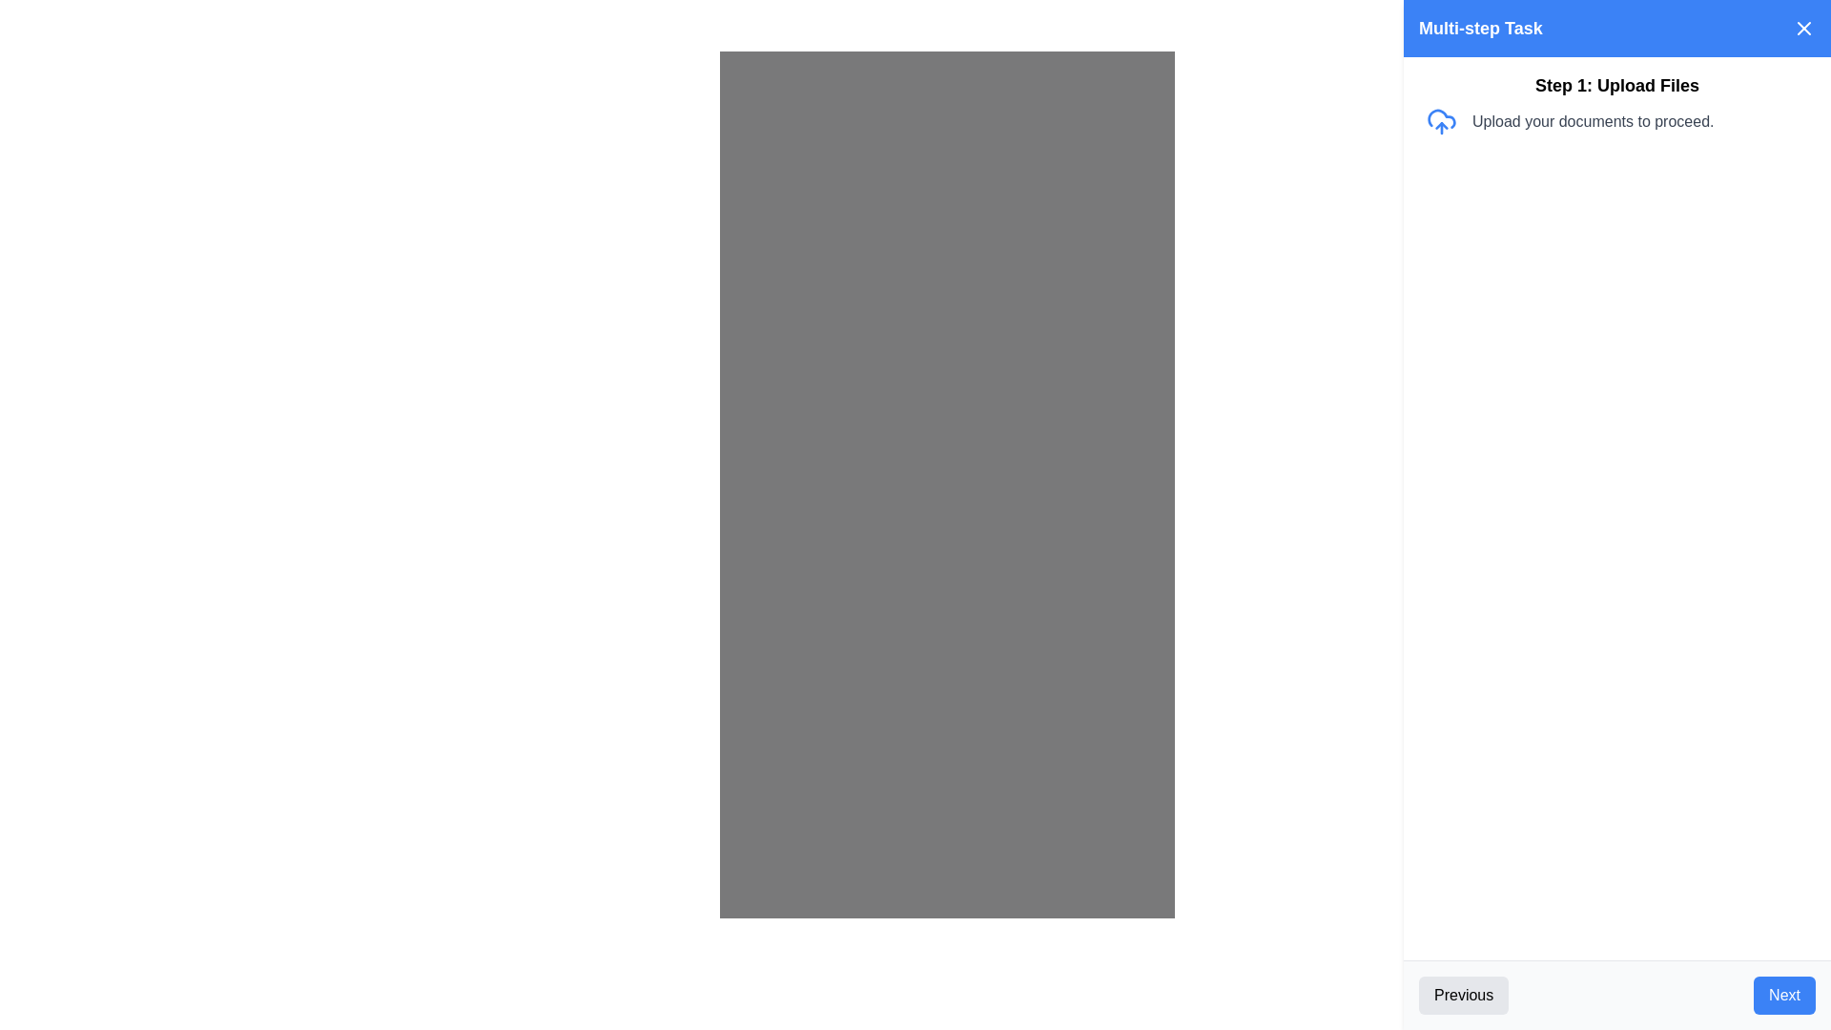  Describe the element at coordinates (1442, 118) in the screenshot. I see `the central portion of the cloud upload icon, which is part of a larger graphic including an arrow and an upward-pointing line, located to the left of the text 'Upload your documents to proceed.'` at that location.